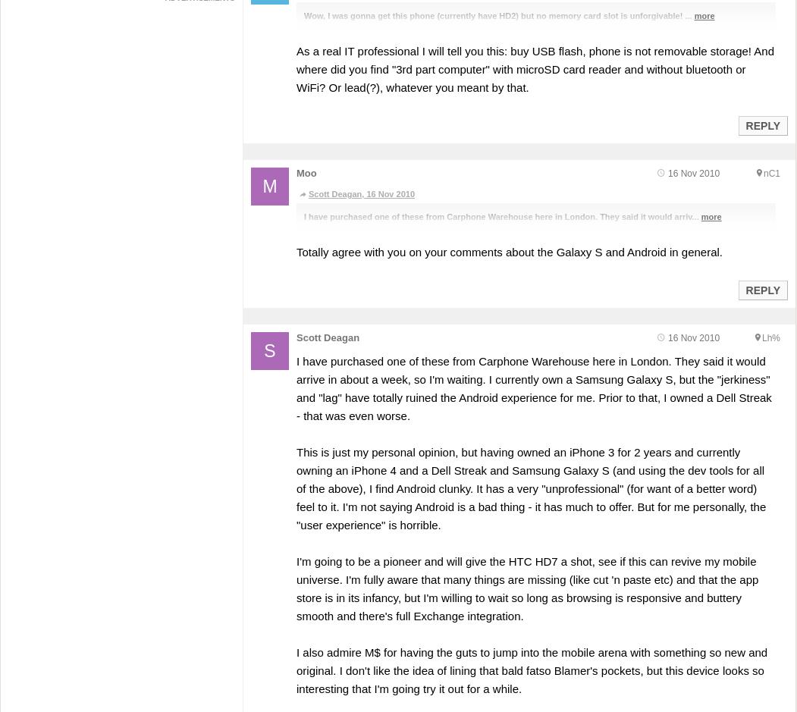  What do you see at coordinates (502, 216) in the screenshot?
I see `'I have purchased one of these from Carphone Warehouse here in London. They said it would arriv...'` at bounding box center [502, 216].